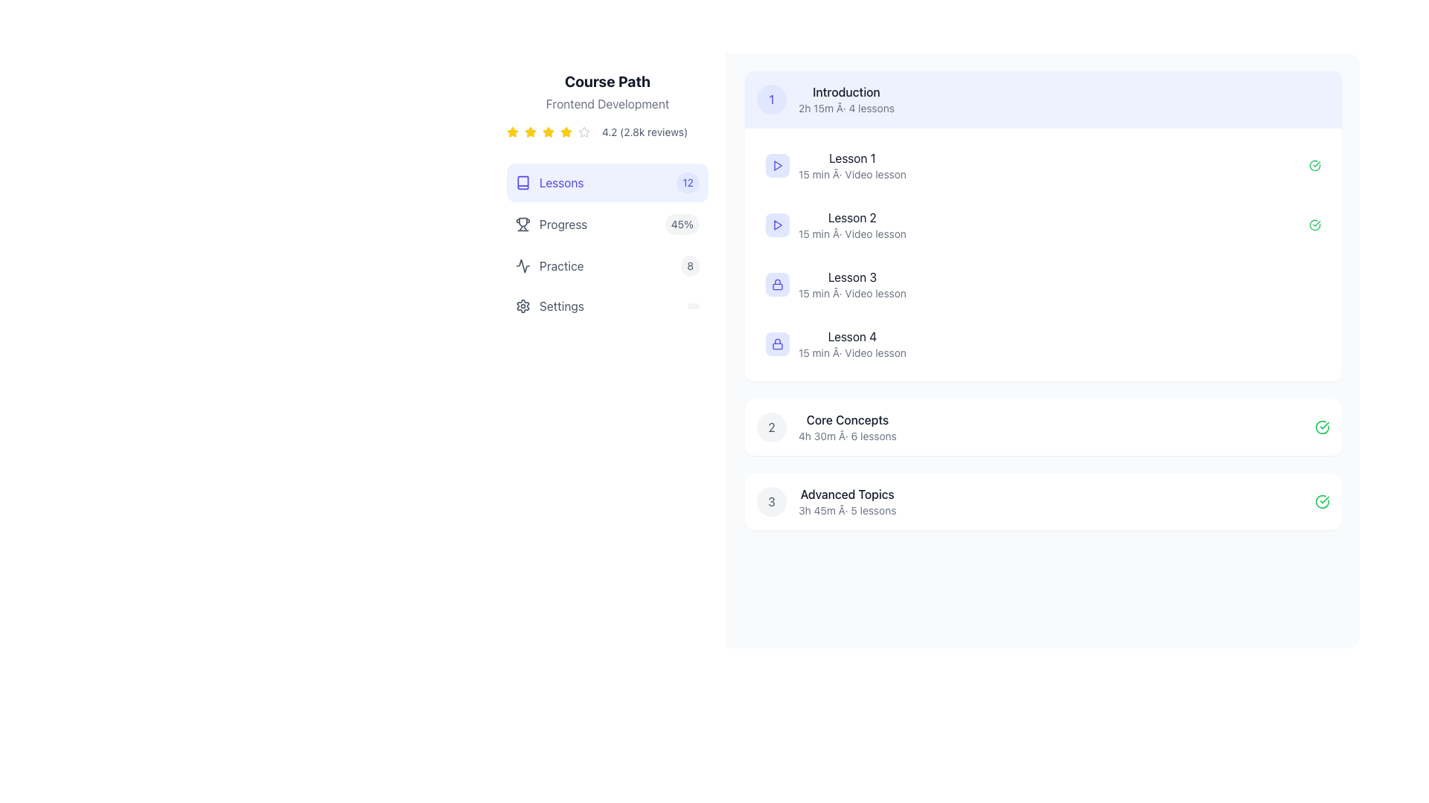  Describe the element at coordinates (1314, 225) in the screenshot. I see `the checkmark icon within a circle that indicates the completion of 'Lesson 2', located to the right of the lesson title under the 'Introduction' section` at that location.